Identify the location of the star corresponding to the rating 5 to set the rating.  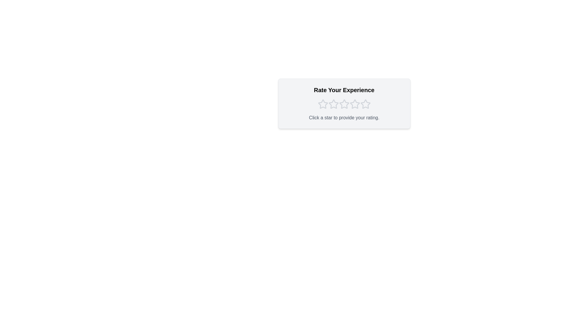
(365, 104).